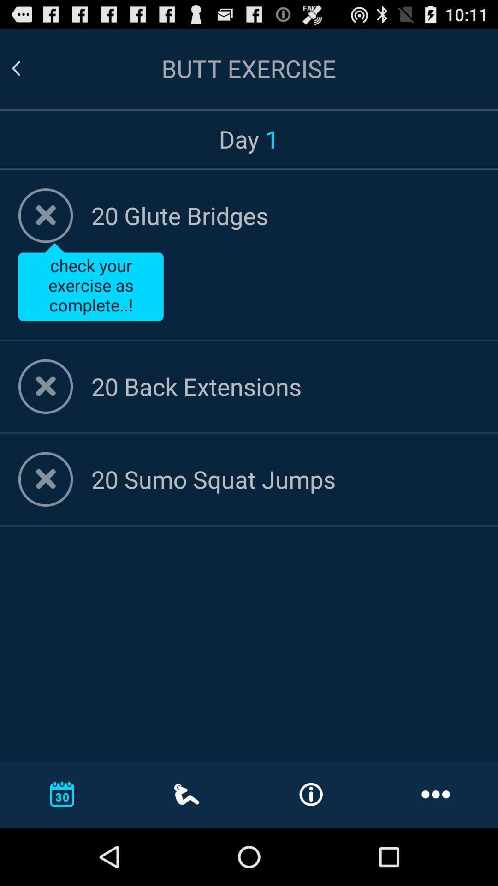 The height and width of the screenshot is (886, 498). I want to click on check the sumo squat complete, so click(46, 479).